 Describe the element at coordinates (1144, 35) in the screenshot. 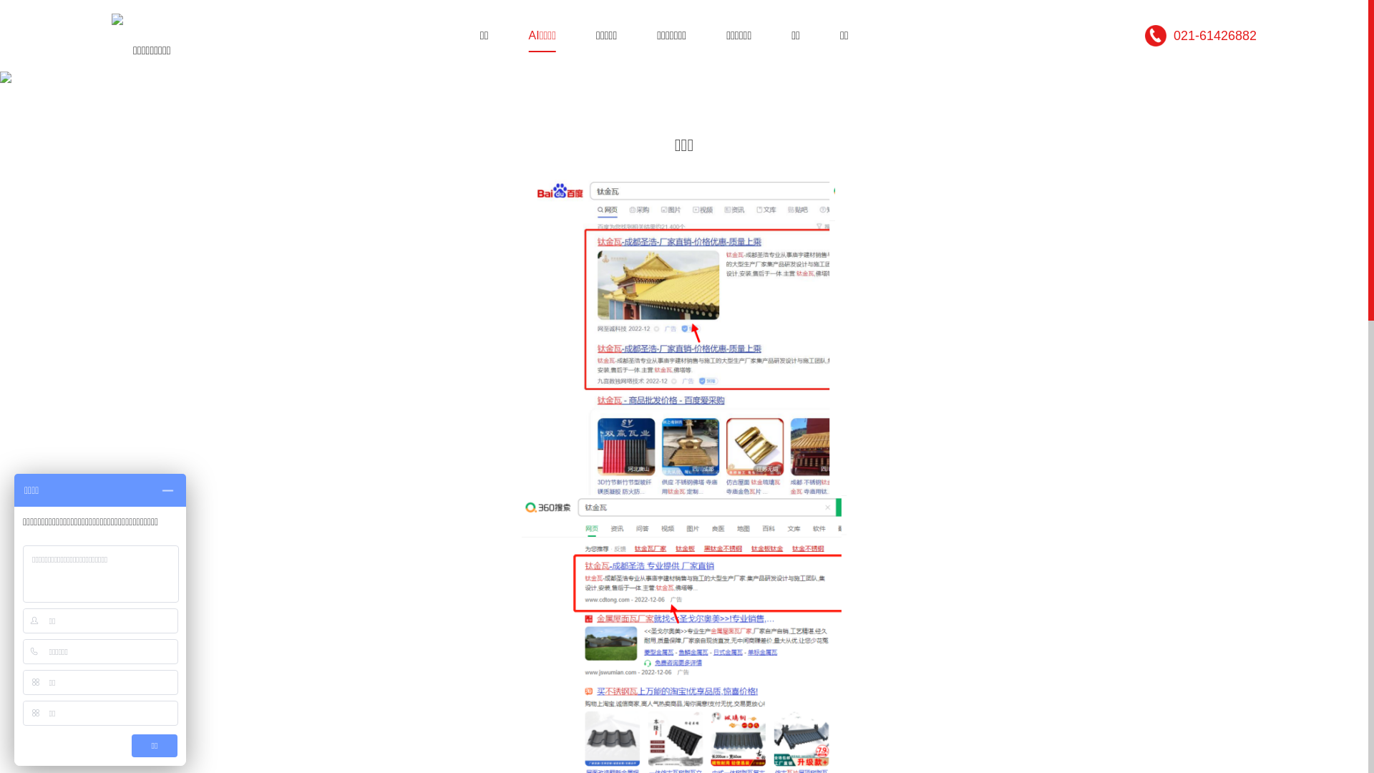

I see `'021-61426882'` at that location.